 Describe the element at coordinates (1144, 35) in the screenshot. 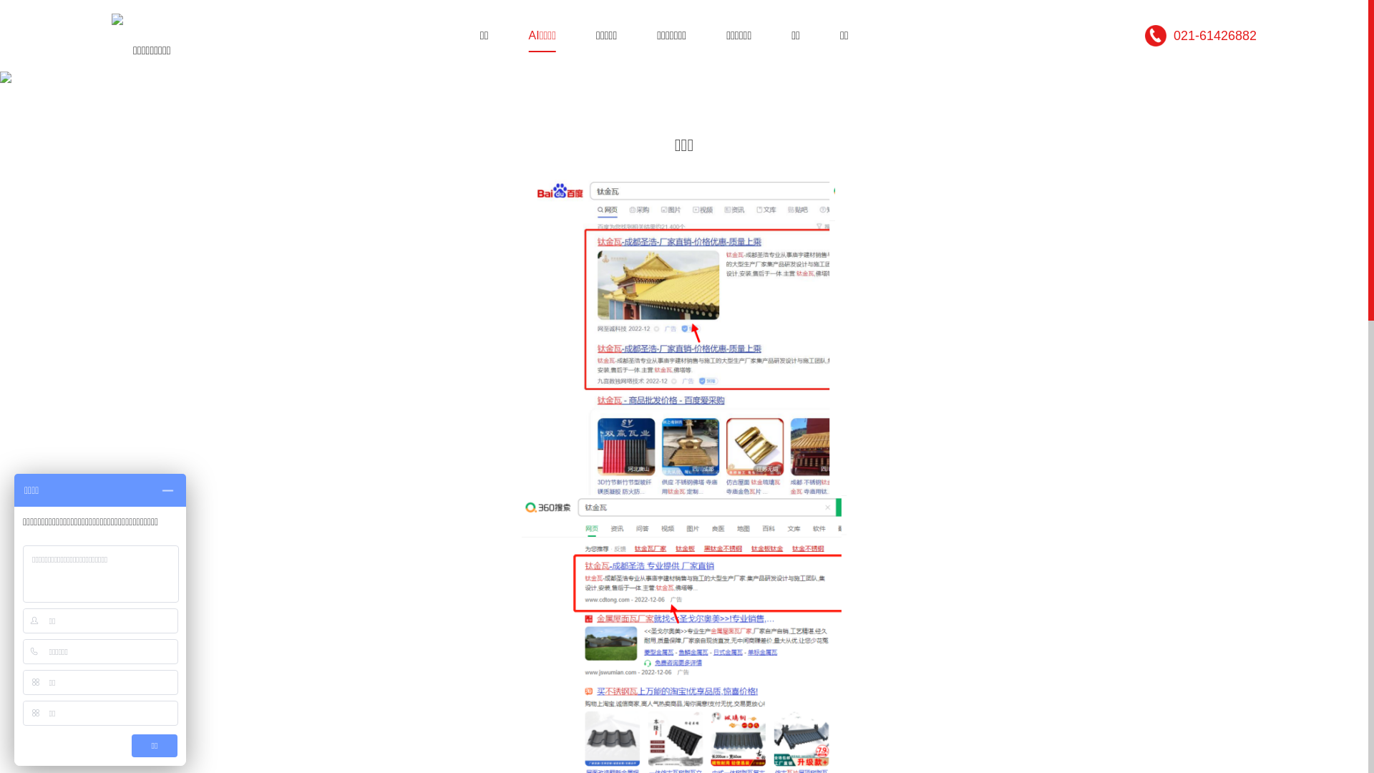

I see `'021-61426882'` at that location.